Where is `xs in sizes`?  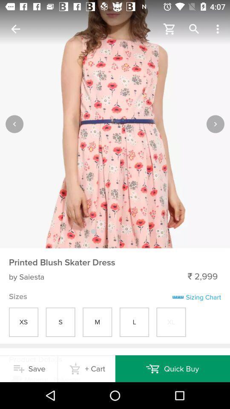
xs in sizes is located at coordinates (23, 322).